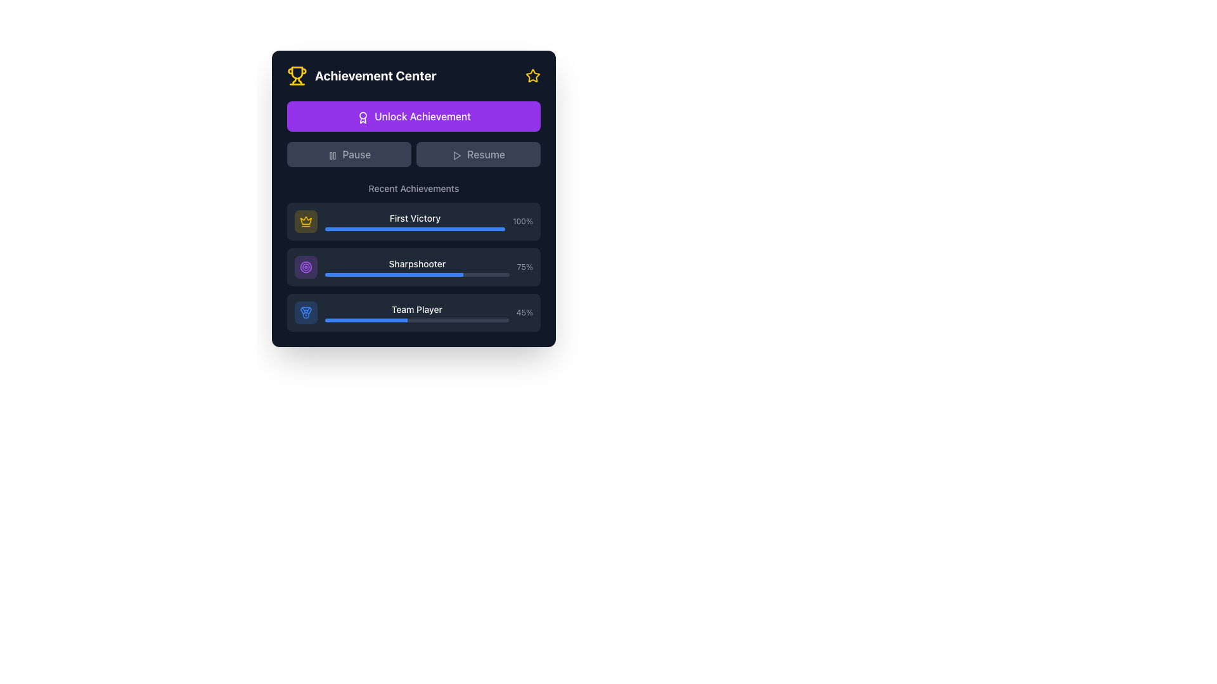 The image size is (1217, 684). Describe the element at coordinates (413, 134) in the screenshot. I see `the 'Unlock Achievement' text region, which is prominently displayed in white text on a vivid purple background, located in the Achievement Center section` at that location.